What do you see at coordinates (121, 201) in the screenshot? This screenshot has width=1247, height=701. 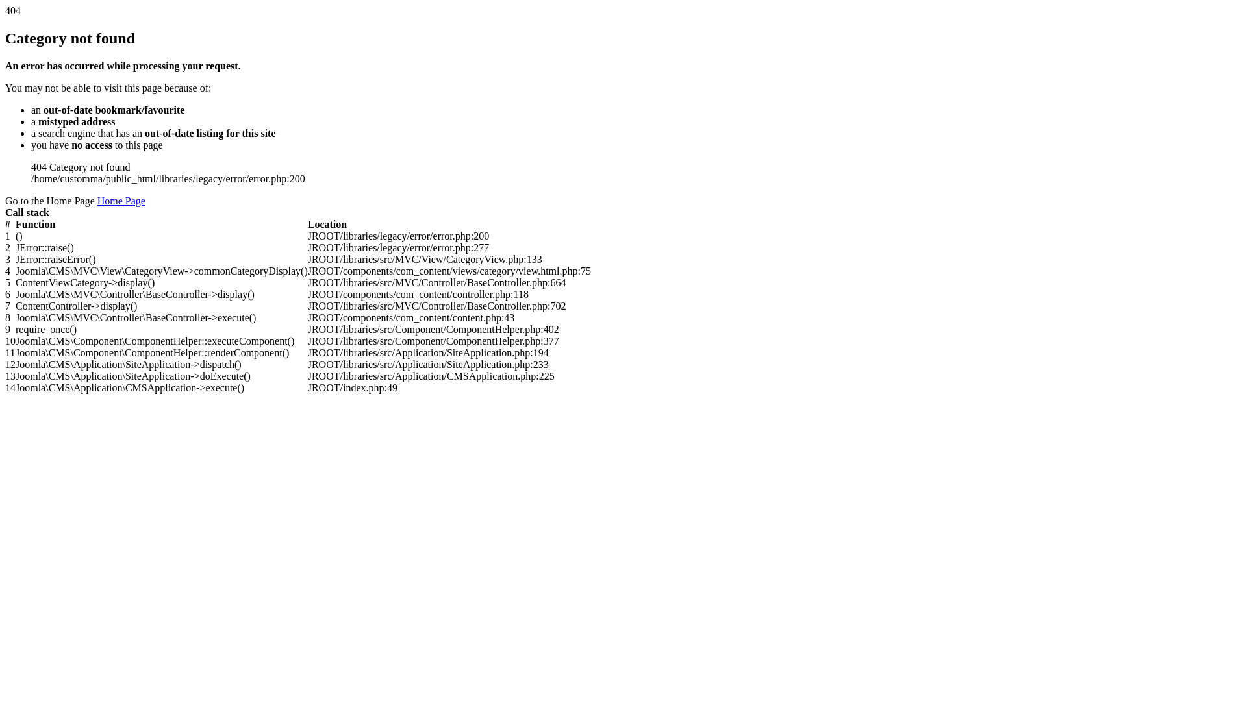 I see `'Home Page'` at bounding box center [121, 201].